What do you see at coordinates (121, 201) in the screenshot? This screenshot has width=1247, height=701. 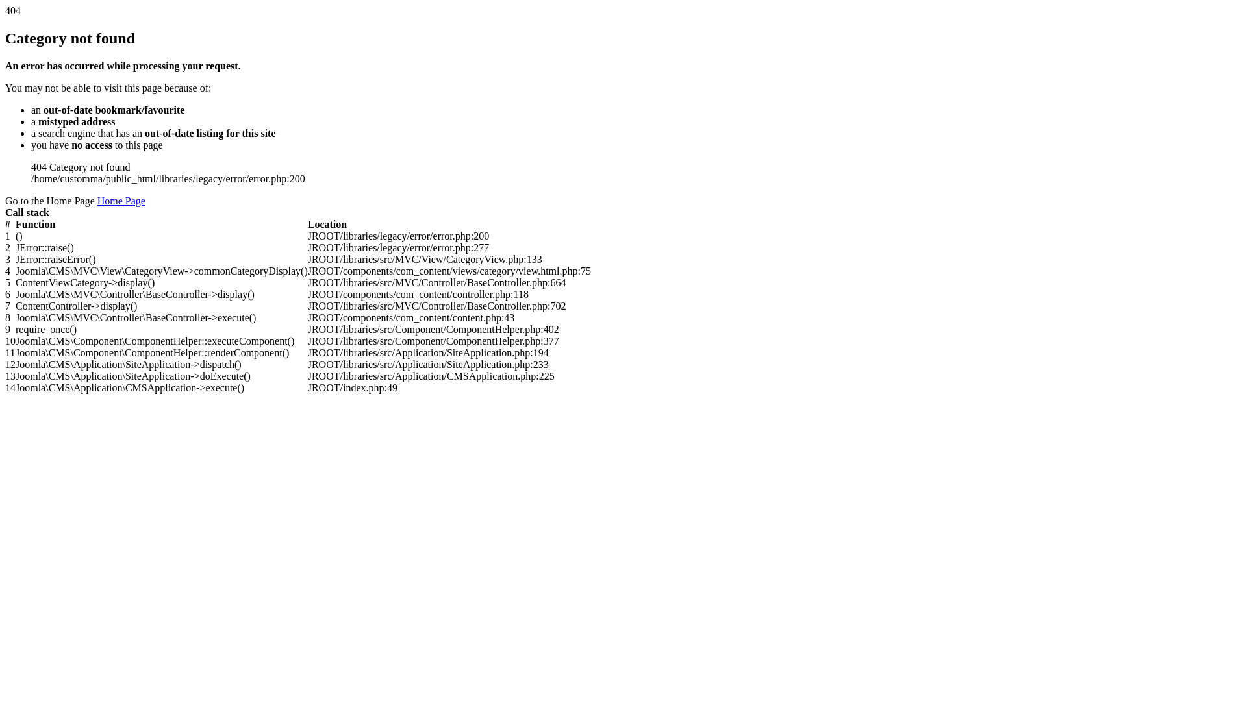 I see `'Home Page'` at bounding box center [121, 201].